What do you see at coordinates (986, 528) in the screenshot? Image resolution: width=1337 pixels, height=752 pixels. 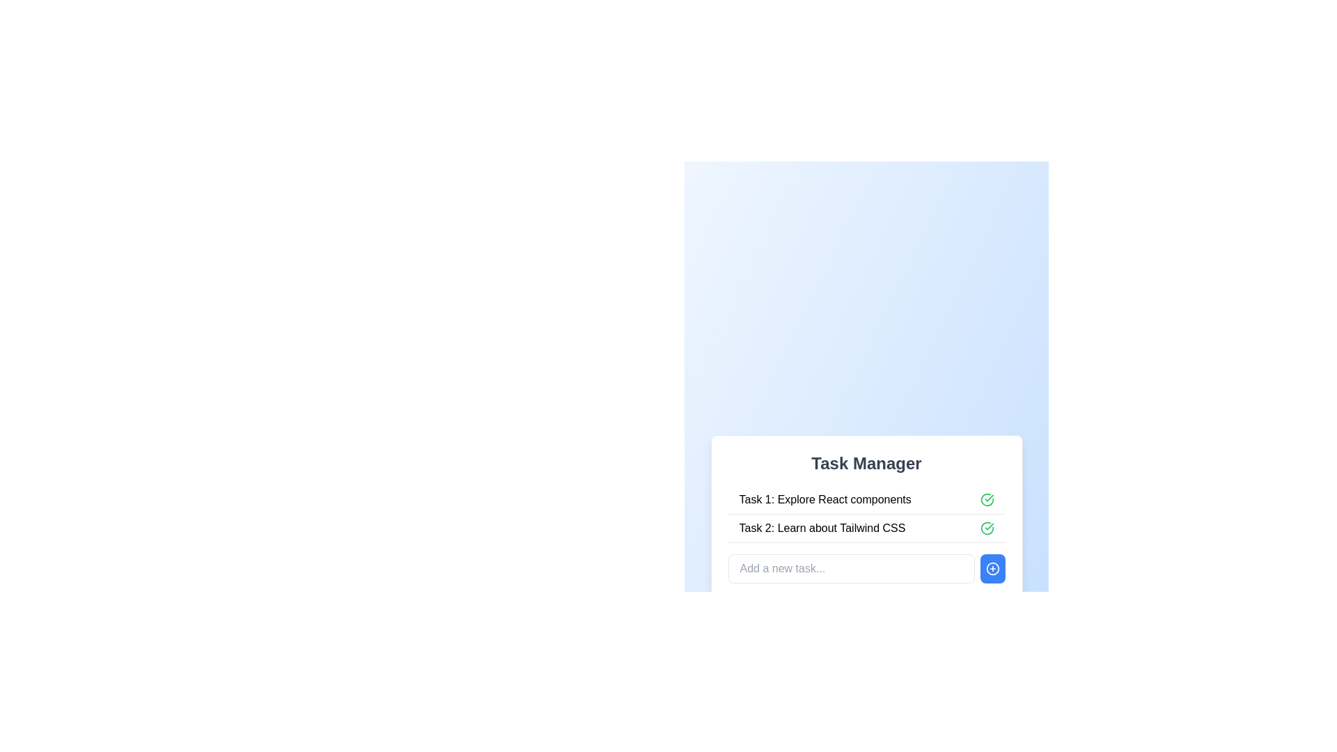 I see `the icon indicating the state of 'Task 2: Learn about Tailwind CSS' for its completion status` at bounding box center [986, 528].